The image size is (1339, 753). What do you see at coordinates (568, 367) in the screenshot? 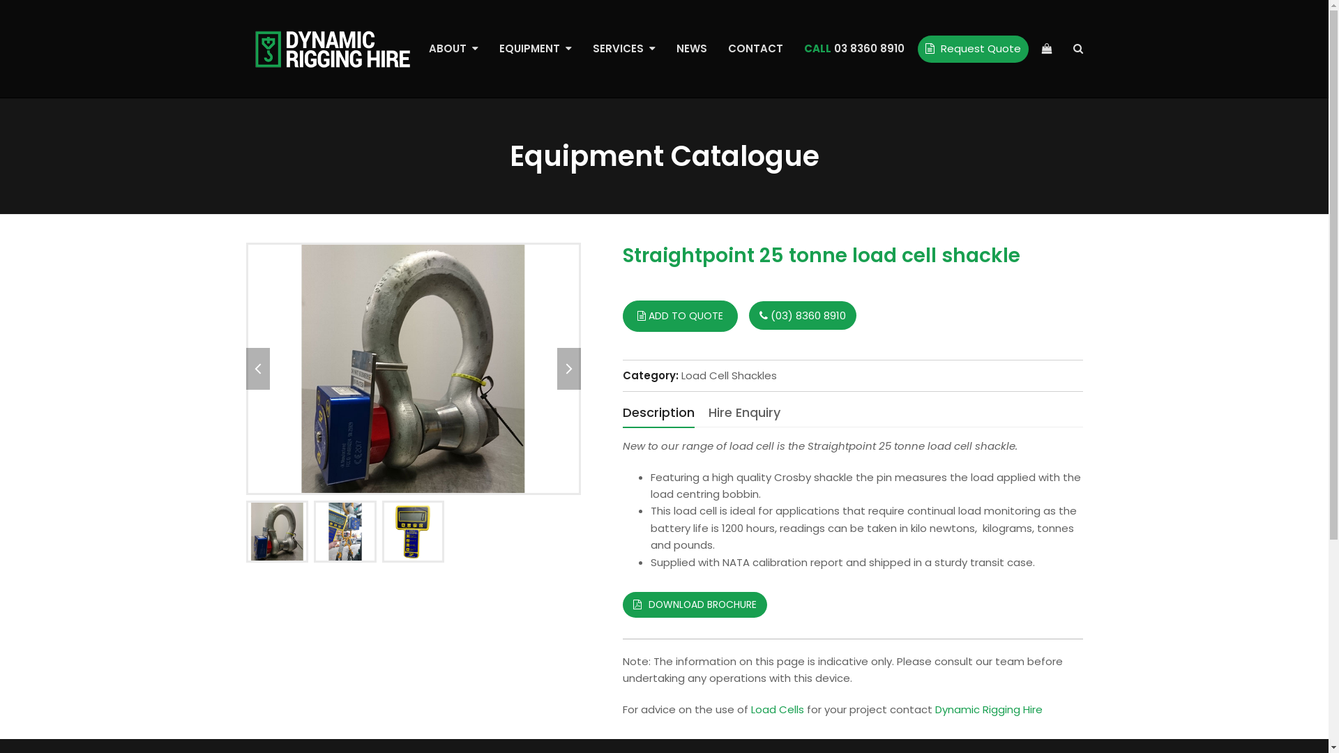
I see `'next slide'` at bounding box center [568, 367].